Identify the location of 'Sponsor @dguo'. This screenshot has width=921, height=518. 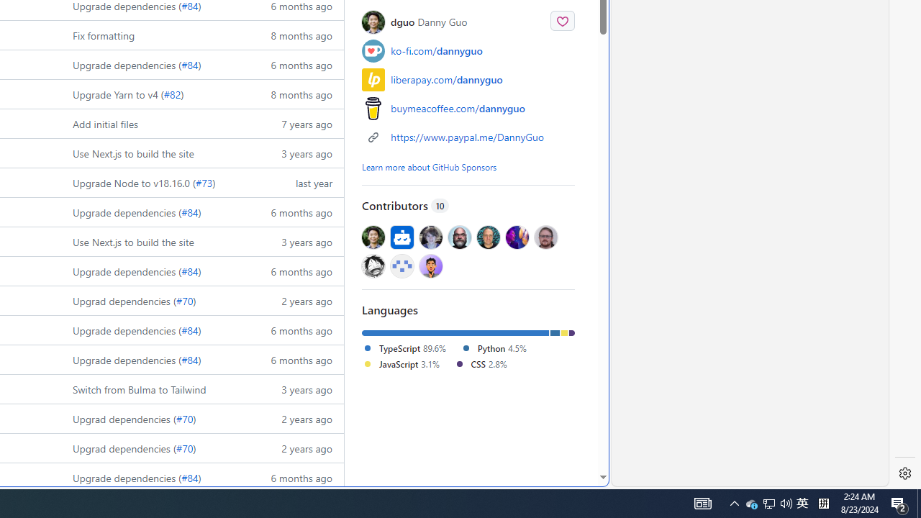
(562, 20).